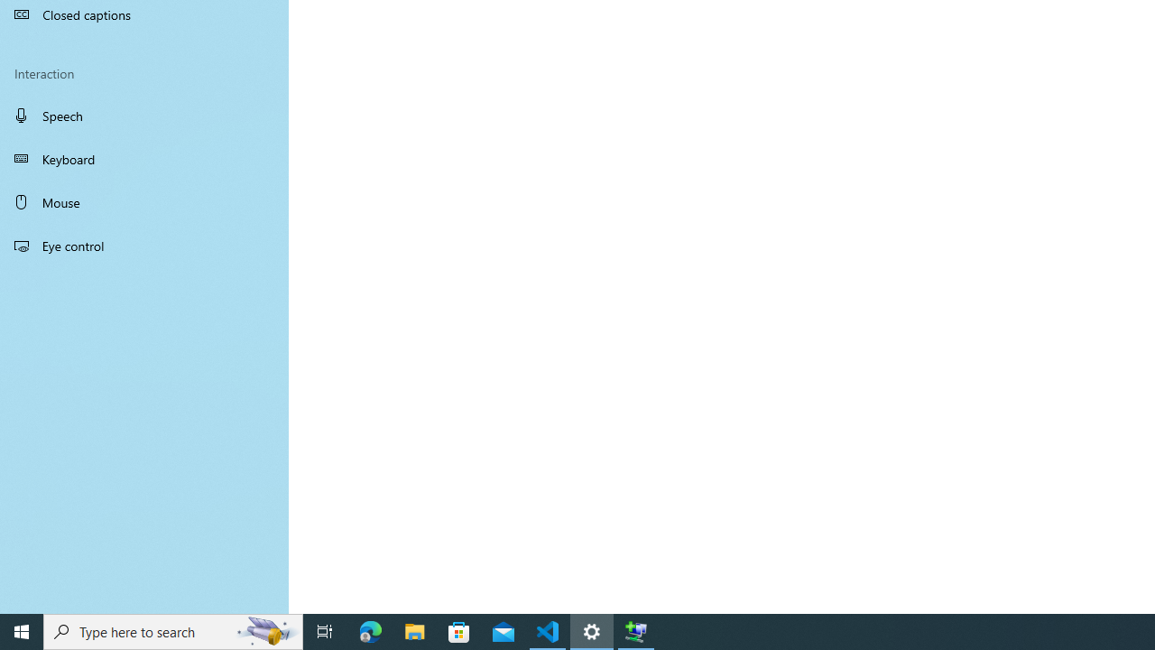 This screenshot has width=1155, height=650. What do you see at coordinates (370, 630) in the screenshot?
I see `'Microsoft Edge'` at bounding box center [370, 630].